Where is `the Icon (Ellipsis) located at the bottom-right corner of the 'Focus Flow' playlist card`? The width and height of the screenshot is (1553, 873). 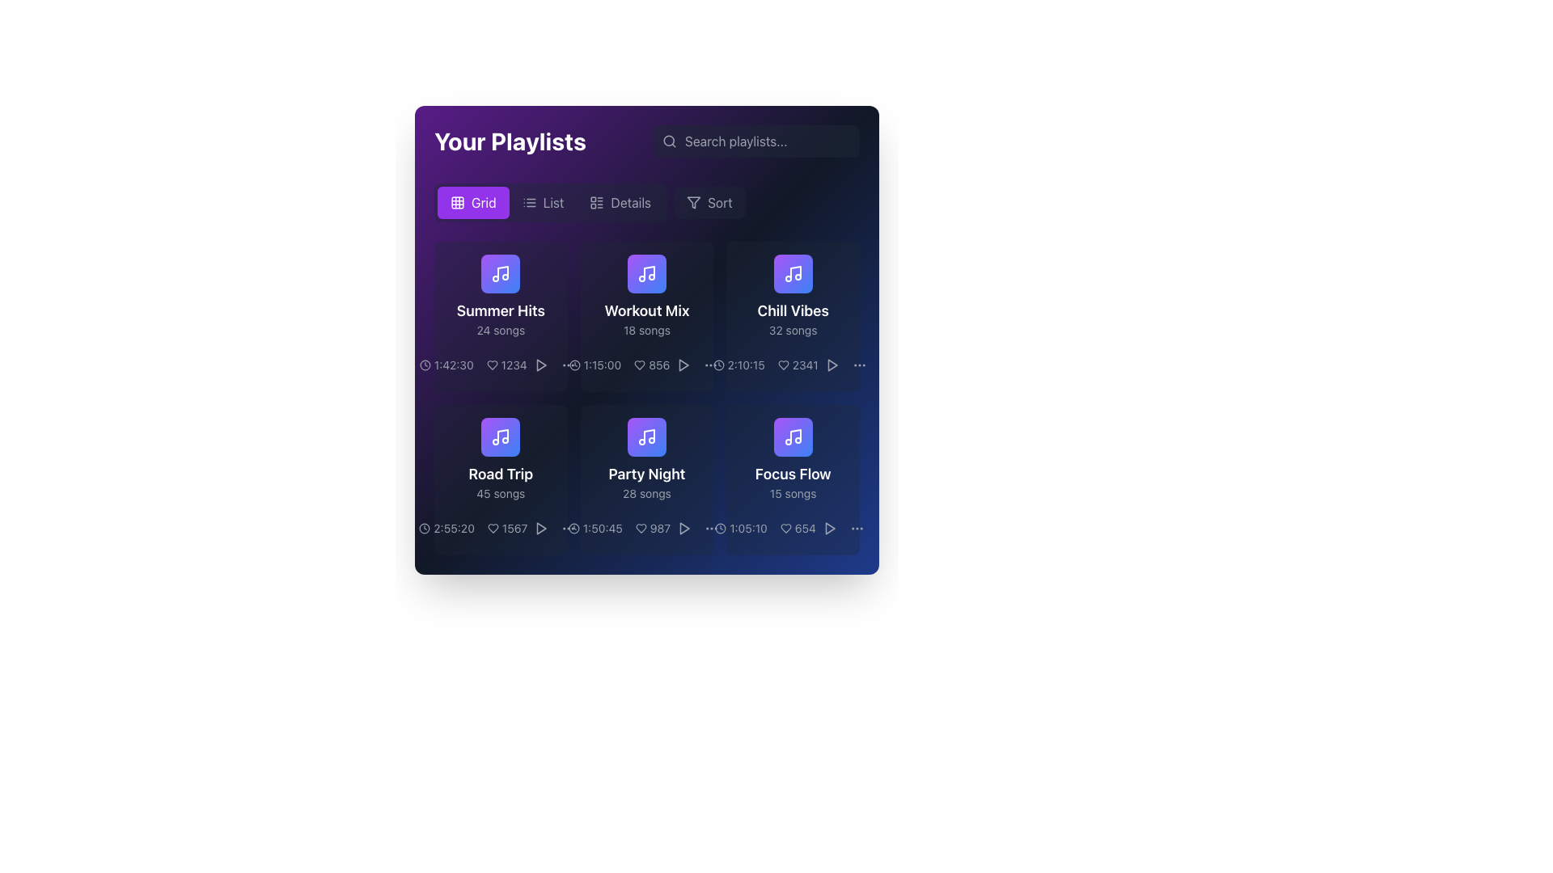 the Icon (Ellipsis) located at the bottom-right corner of the 'Focus Flow' playlist card is located at coordinates (857, 529).